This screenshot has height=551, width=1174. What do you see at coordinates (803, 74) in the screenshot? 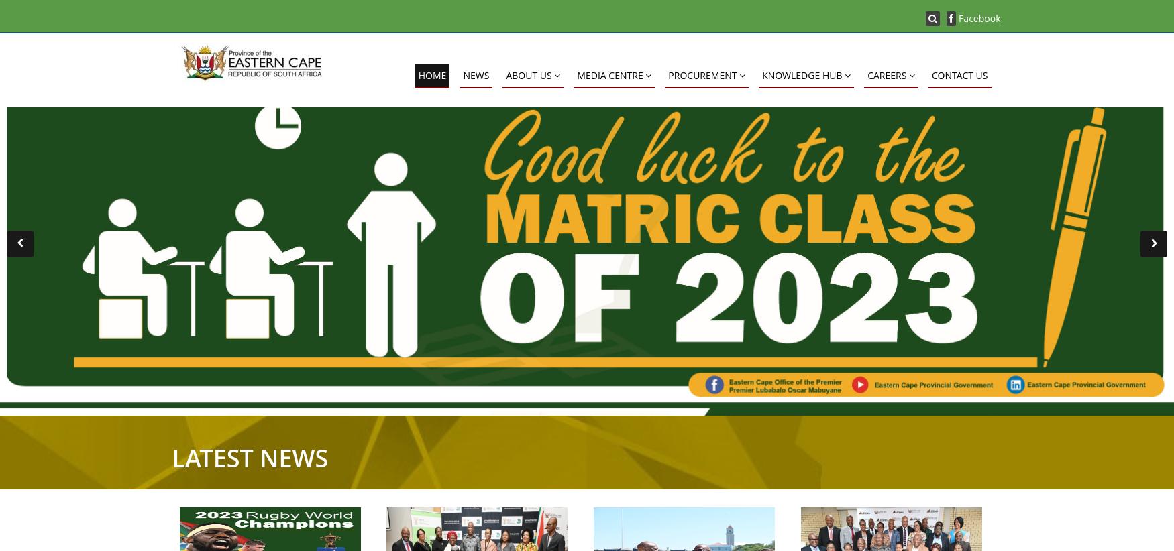
I see `'KNOWLEDGE HUB'` at bounding box center [803, 74].